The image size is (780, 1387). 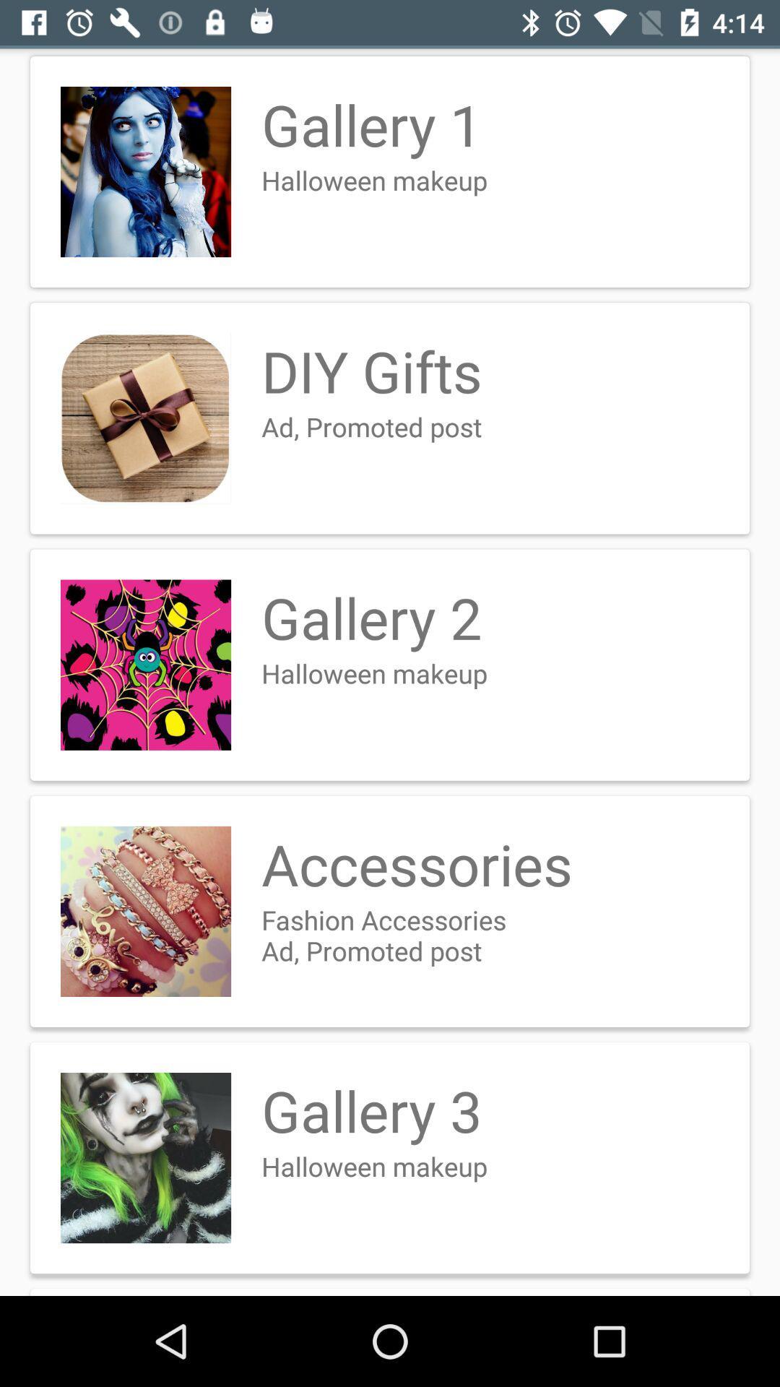 What do you see at coordinates (145, 1158) in the screenshot?
I see `the picture before the gallery 3` at bounding box center [145, 1158].